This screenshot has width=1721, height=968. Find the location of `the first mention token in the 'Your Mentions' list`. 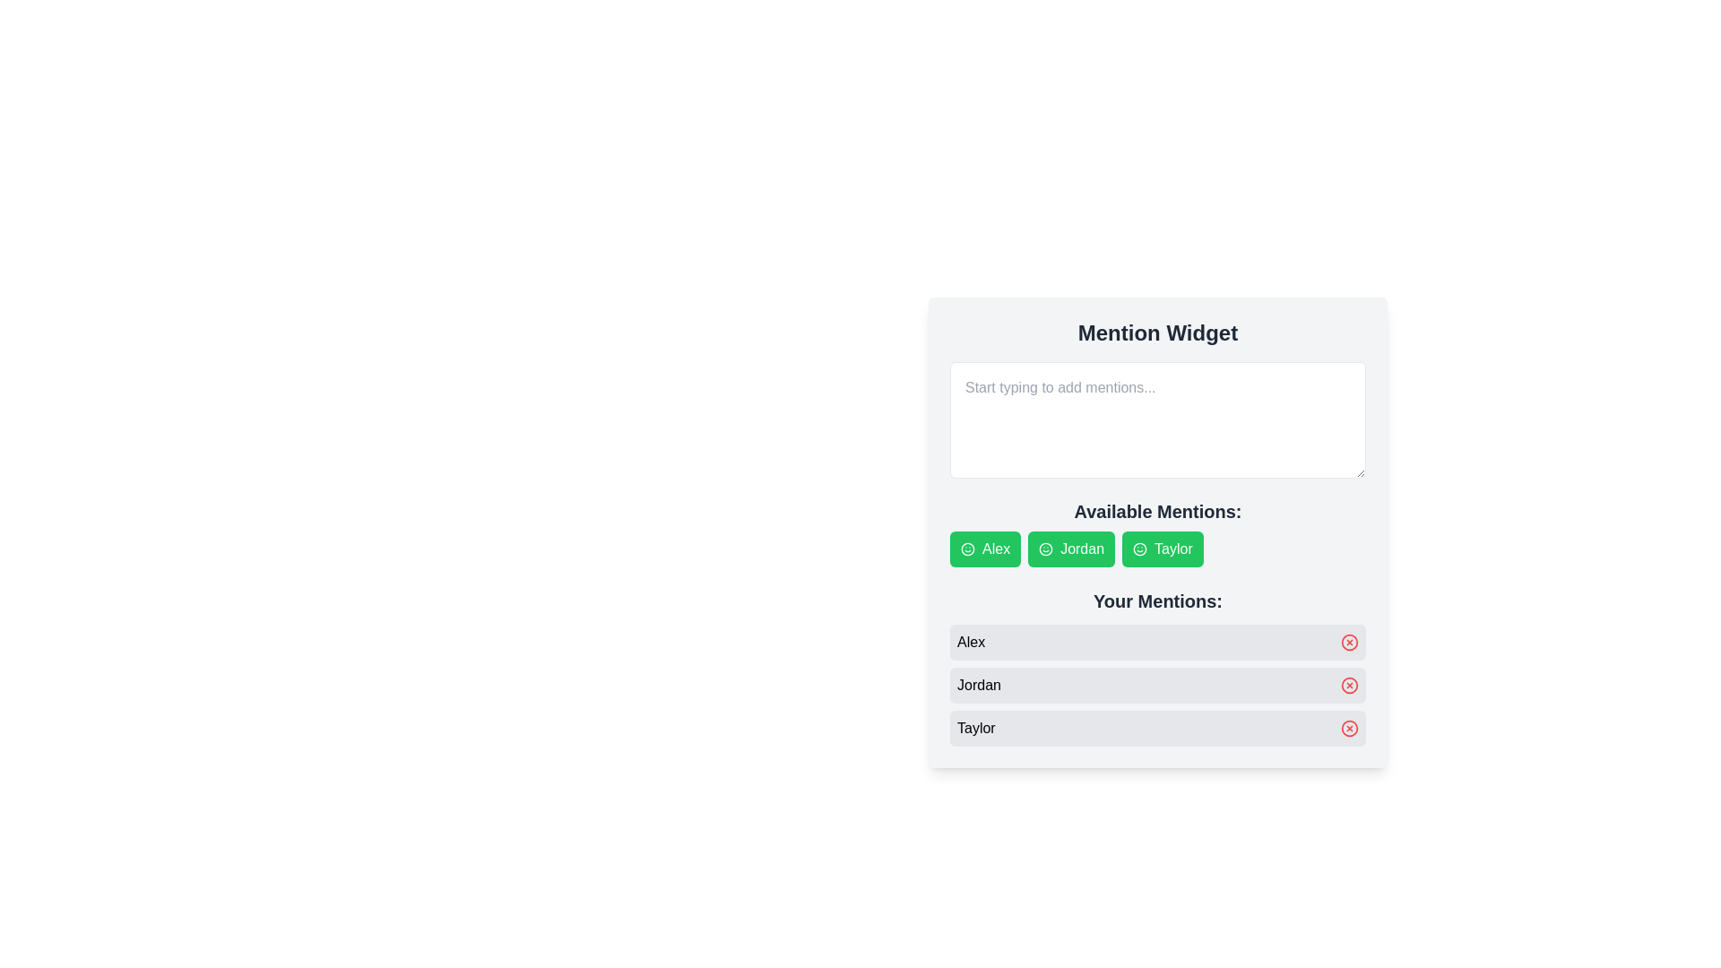

the first mention token in the 'Your Mentions' list is located at coordinates (1157, 642).